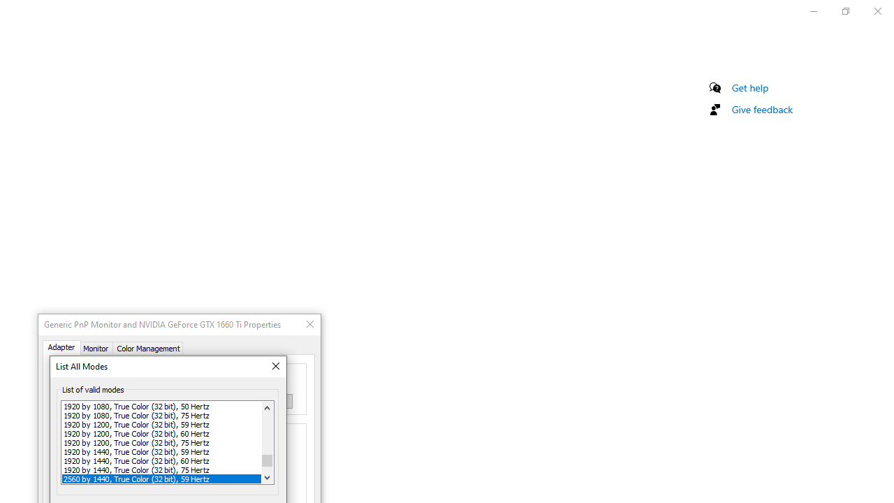 Image resolution: width=894 pixels, height=503 pixels. What do you see at coordinates (161, 460) in the screenshot?
I see `'1920 by 1440, True Color (32 bit), 60 Hertz'` at bounding box center [161, 460].